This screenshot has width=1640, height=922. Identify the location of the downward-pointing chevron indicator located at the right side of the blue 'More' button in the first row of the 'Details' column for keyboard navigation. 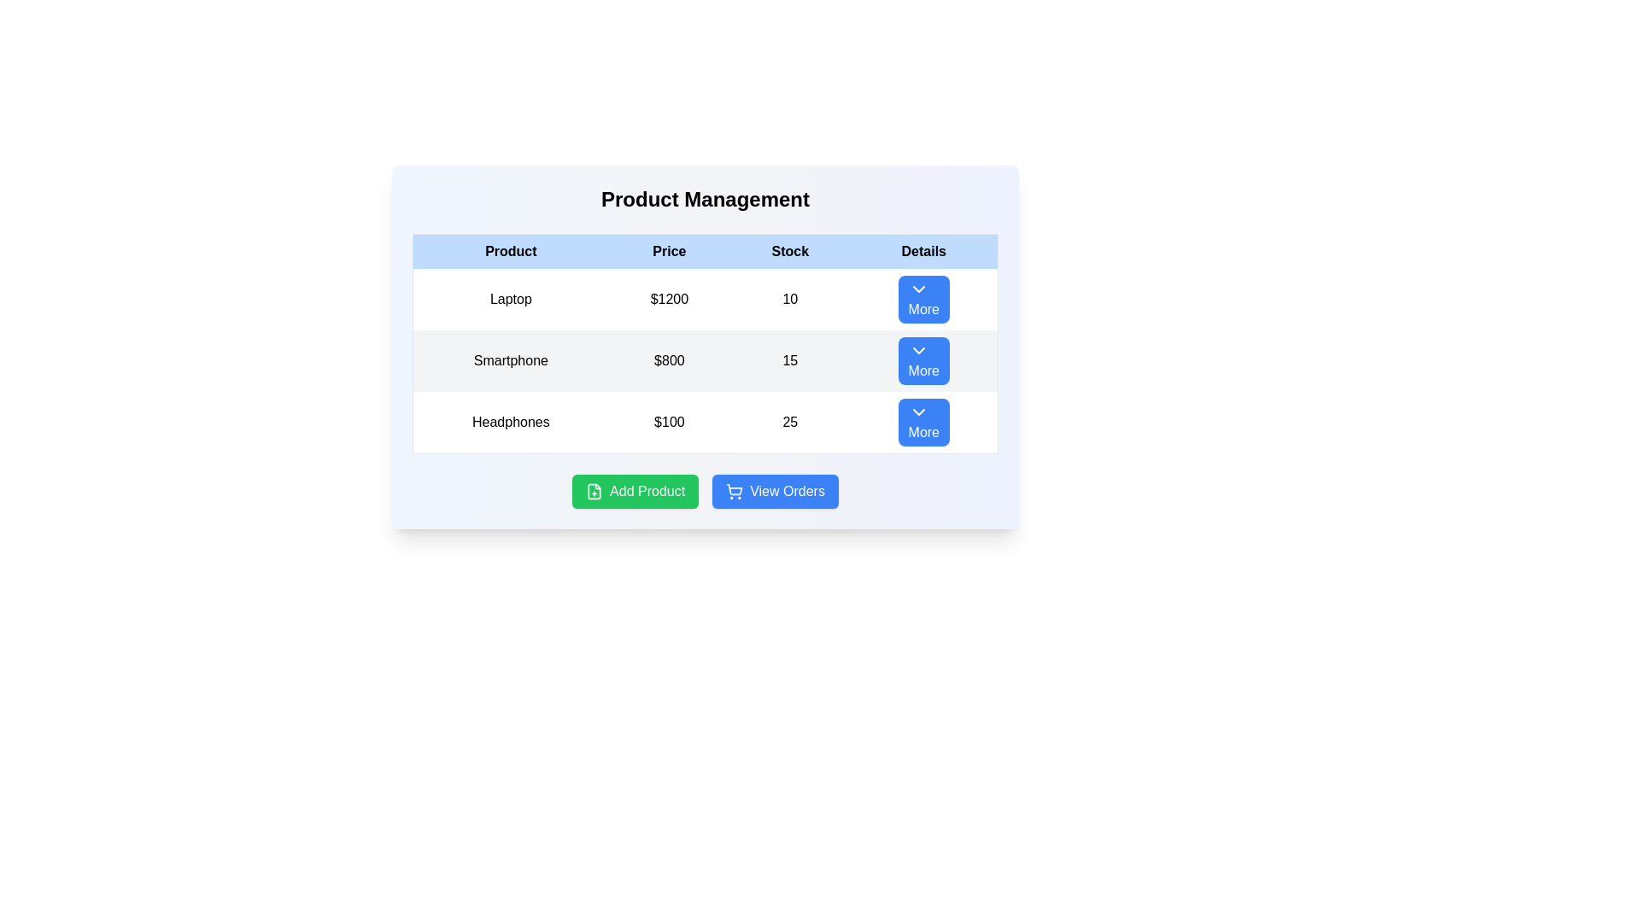
(917, 289).